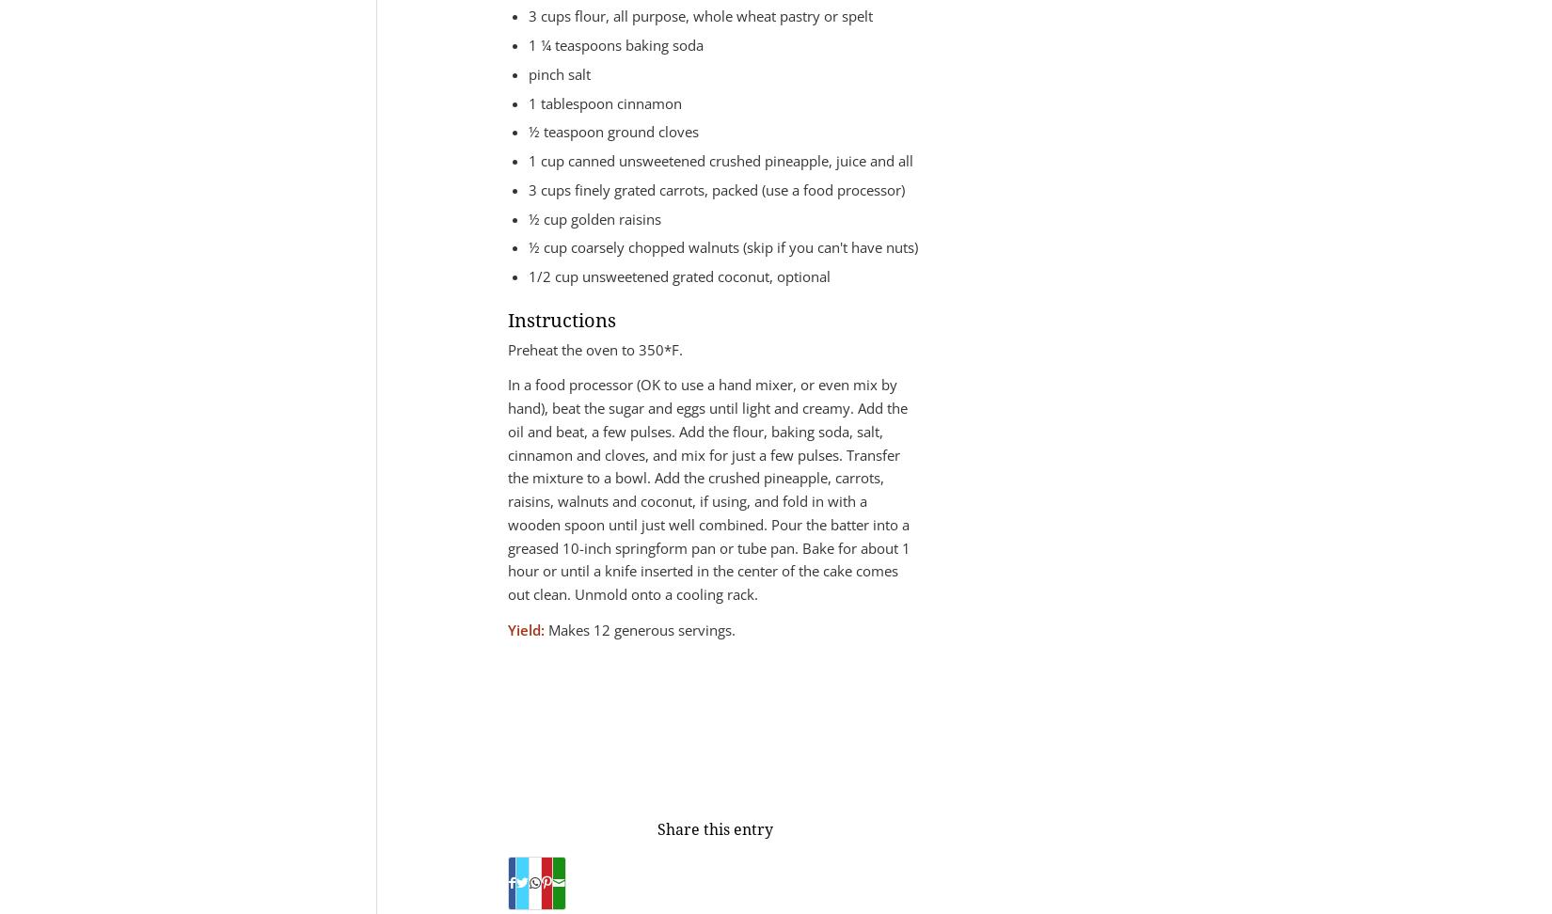 This screenshot has width=1552, height=914. What do you see at coordinates (516, 711) in the screenshot?
I see `'Kosher'` at bounding box center [516, 711].